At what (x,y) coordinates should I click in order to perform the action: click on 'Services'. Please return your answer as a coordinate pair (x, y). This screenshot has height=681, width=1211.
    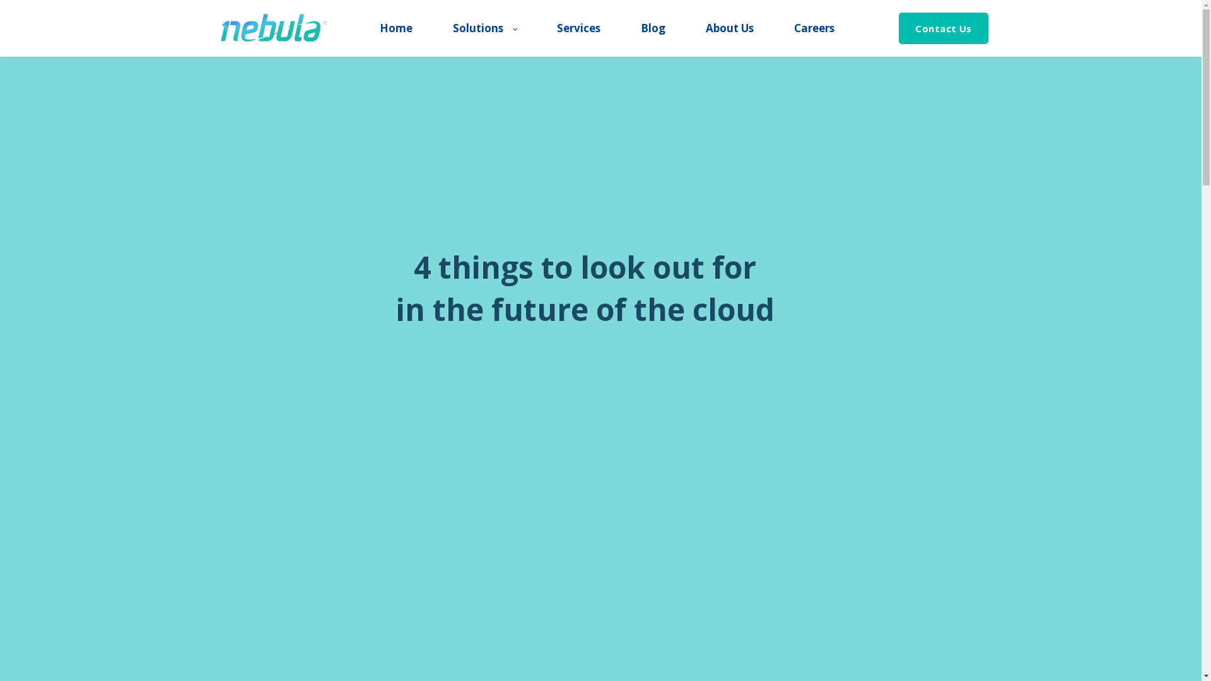
    Looking at the image, I should click on (578, 28).